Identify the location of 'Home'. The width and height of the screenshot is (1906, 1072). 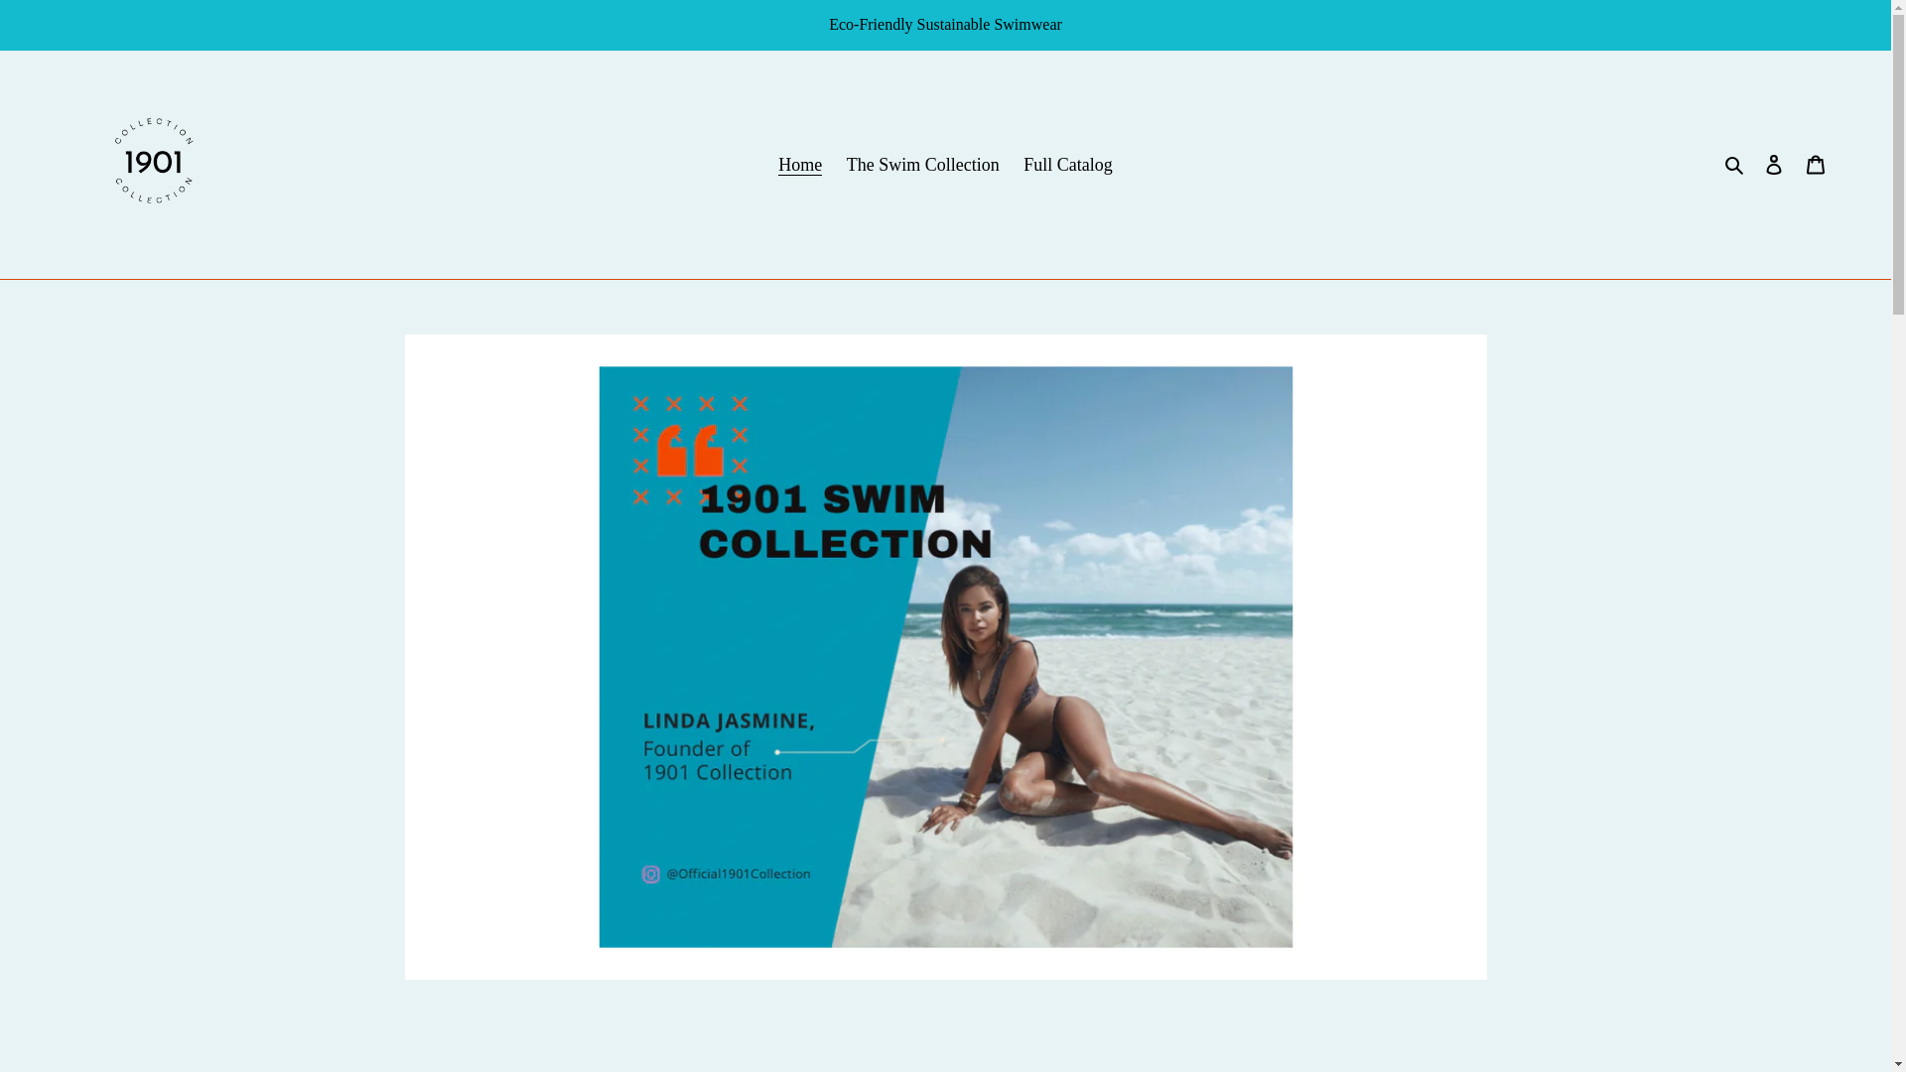
(766, 164).